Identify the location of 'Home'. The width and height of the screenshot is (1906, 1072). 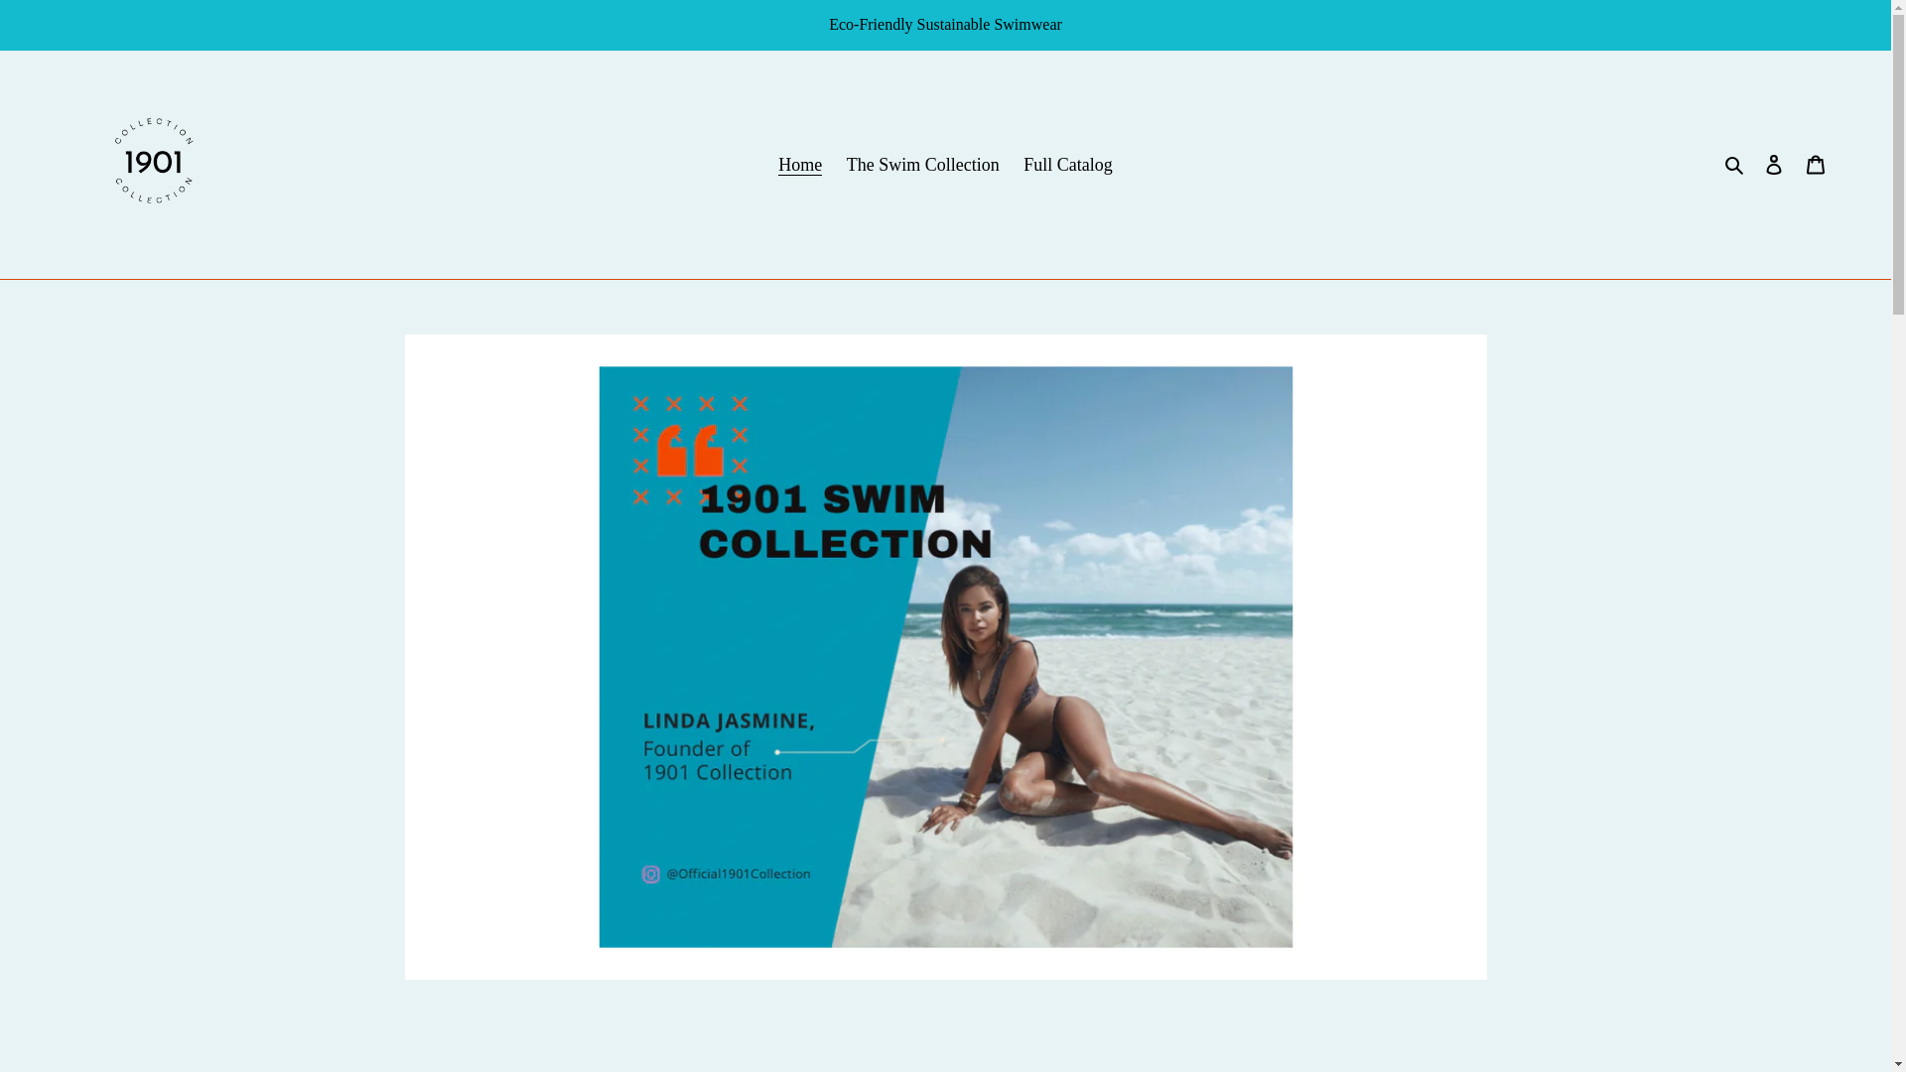
(766, 164).